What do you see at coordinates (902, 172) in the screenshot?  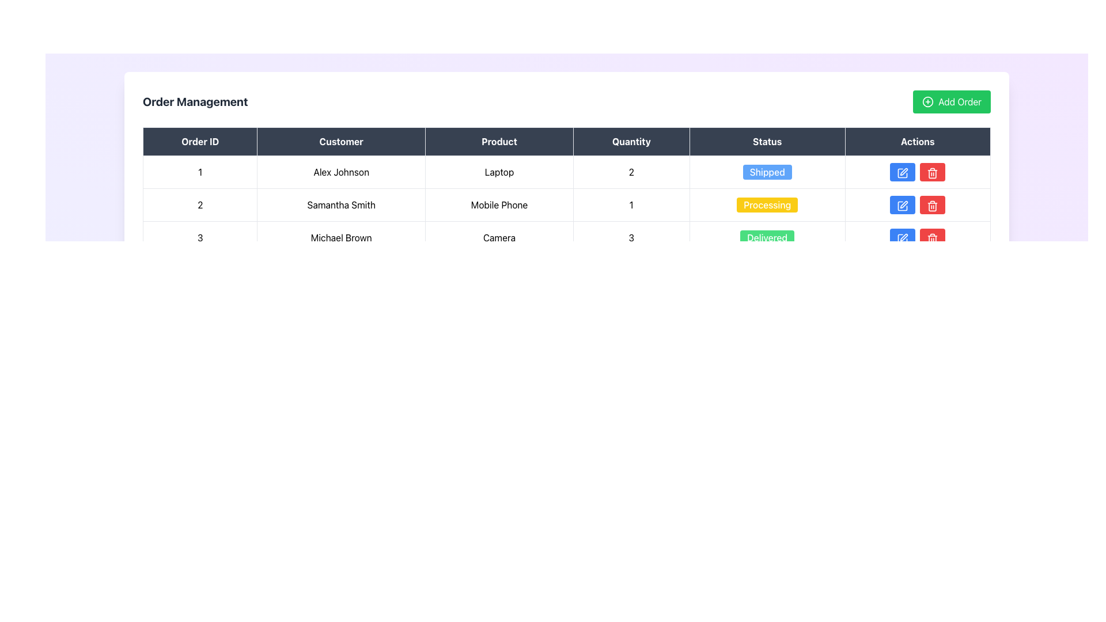 I see `the blue edit button with a pen icon located in the first row of the 'Actions' column to initiate editing` at bounding box center [902, 172].